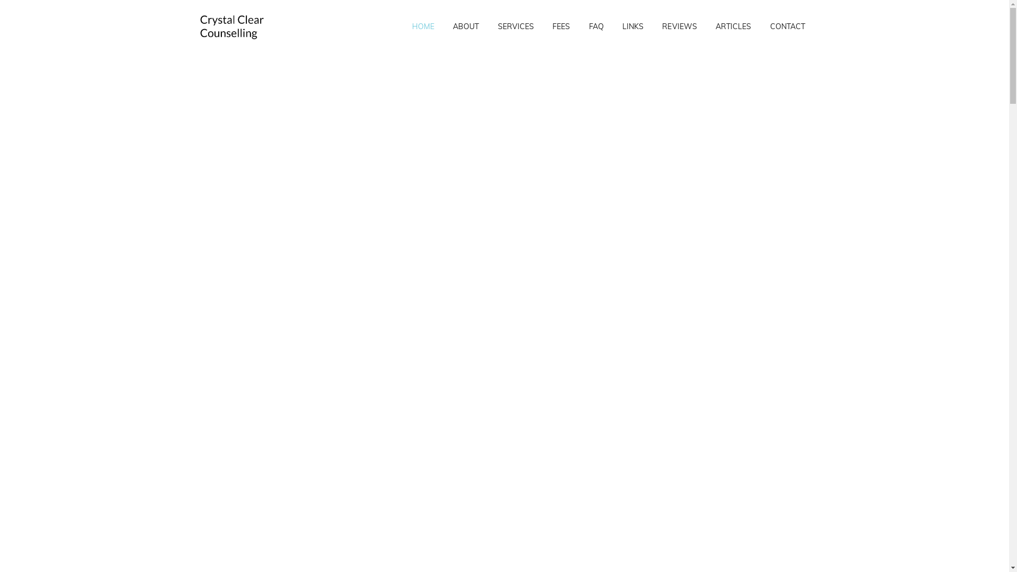 This screenshot has height=572, width=1017. What do you see at coordinates (788, 26) in the screenshot?
I see `'CONTACT'` at bounding box center [788, 26].